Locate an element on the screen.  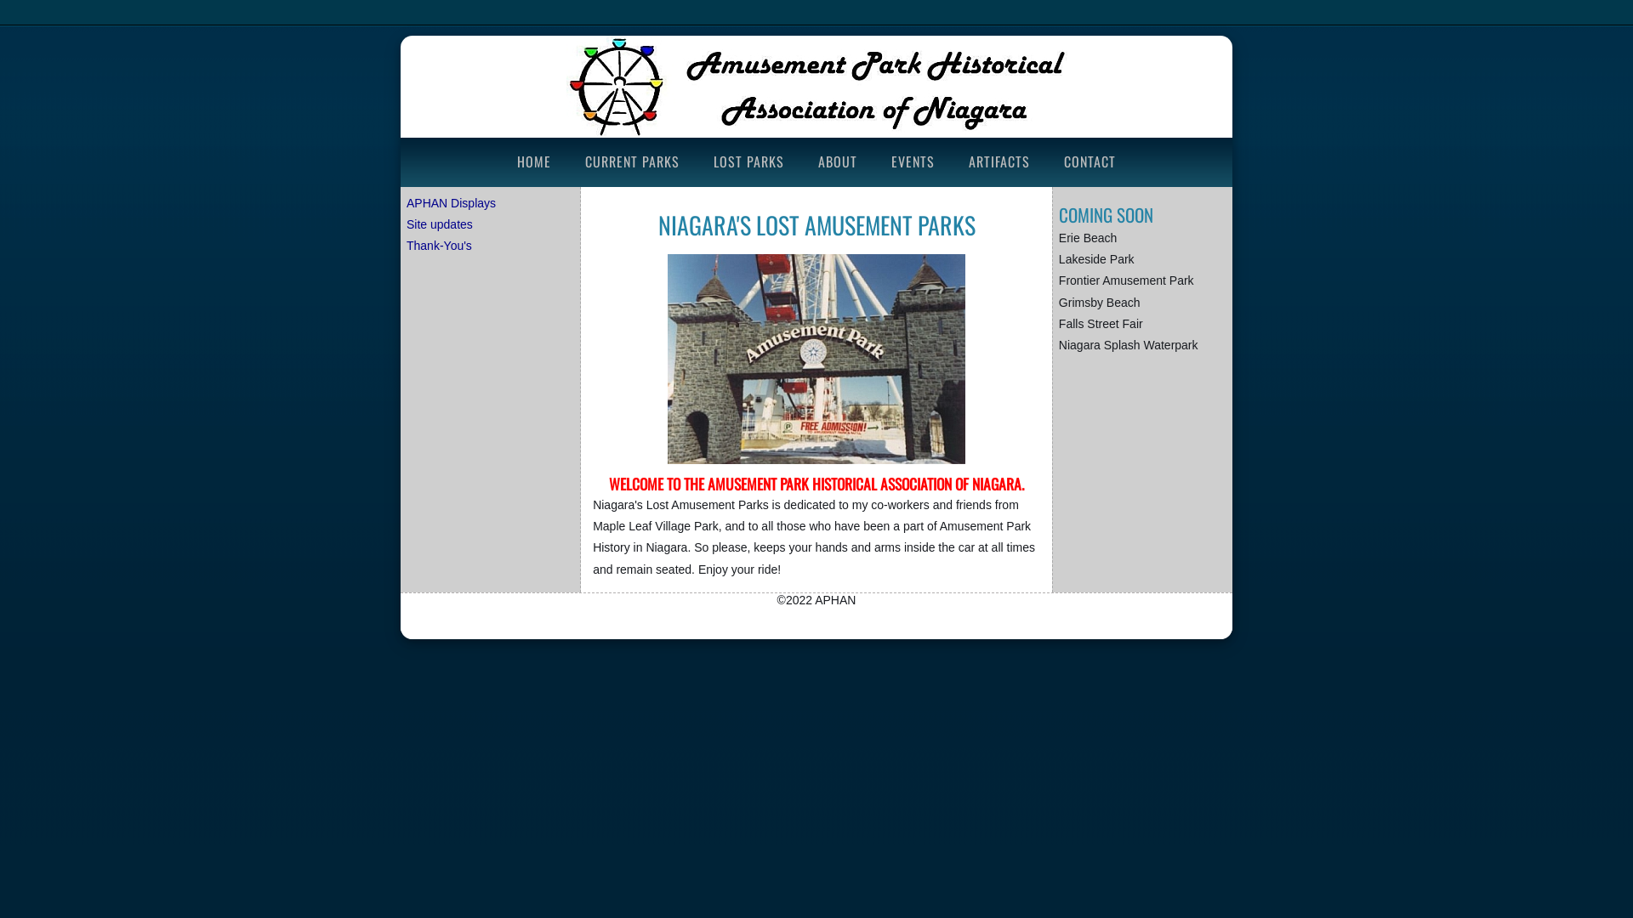
'ABOUT' is located at coordinates (837, 161).